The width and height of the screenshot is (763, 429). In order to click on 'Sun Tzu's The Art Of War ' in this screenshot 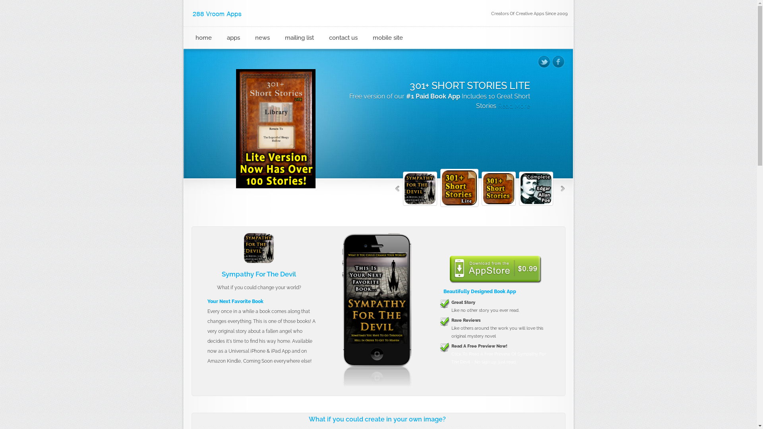, I will do `click(376, 298)`.